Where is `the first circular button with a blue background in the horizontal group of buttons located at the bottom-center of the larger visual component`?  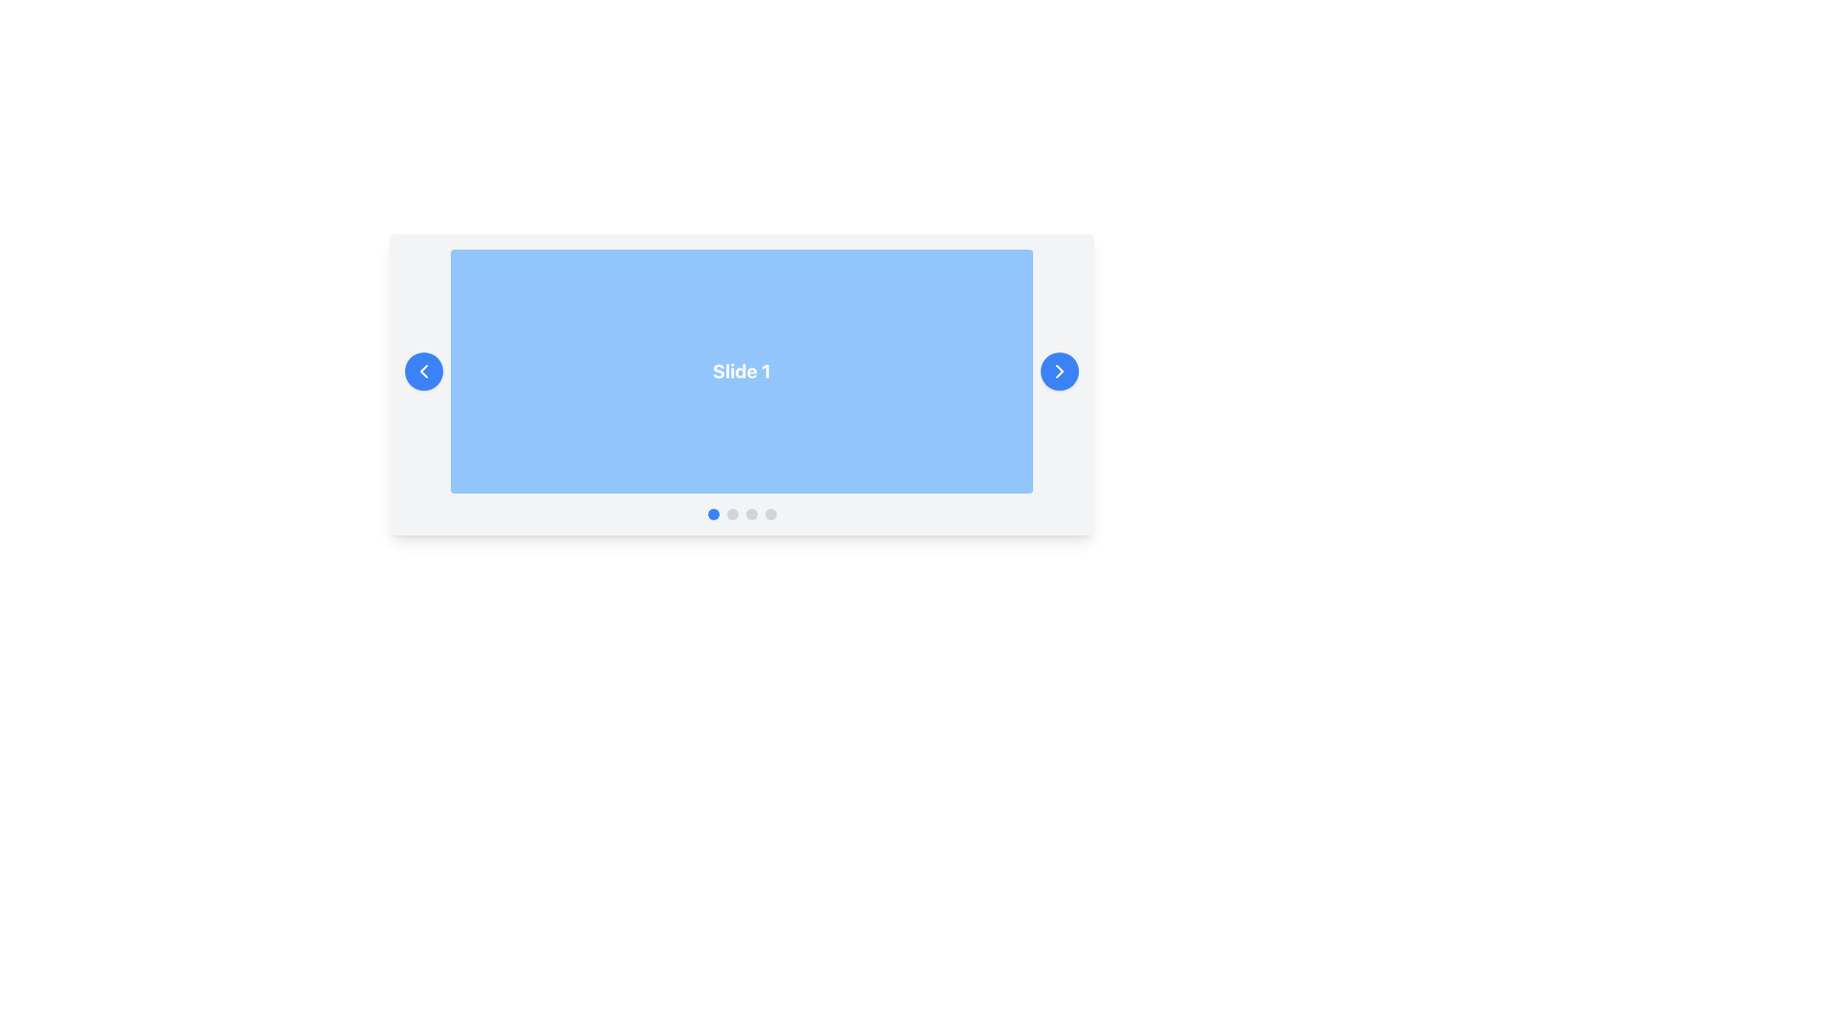 the first circular button with a blue background in the horizontal group of buttons located at the bottom-center of the larger visual component is located at coordinates (712, 514).